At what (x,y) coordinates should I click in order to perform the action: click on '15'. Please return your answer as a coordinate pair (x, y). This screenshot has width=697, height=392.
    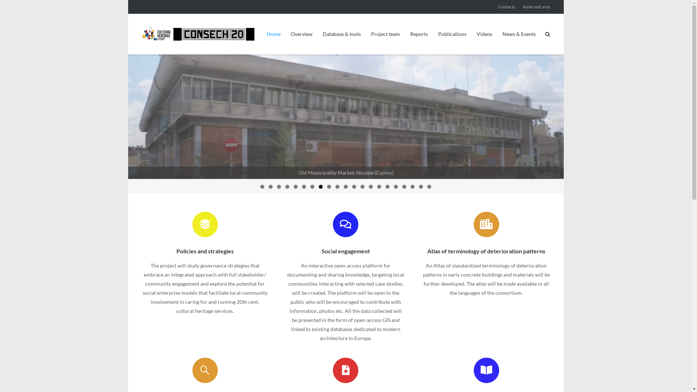
    Looking at the image, I should click on (379, 186).